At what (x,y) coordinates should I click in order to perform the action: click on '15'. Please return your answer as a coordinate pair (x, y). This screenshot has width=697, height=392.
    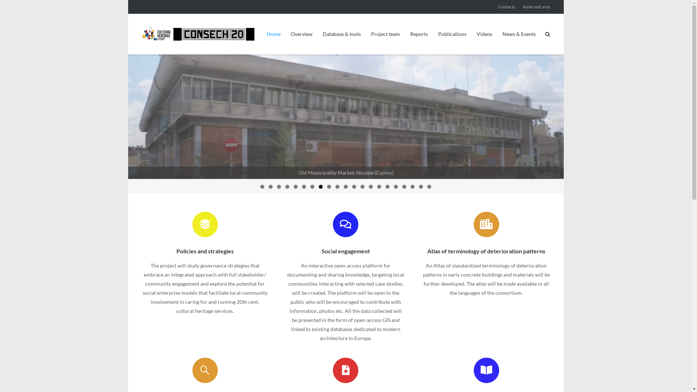
    Looking at the image, I should click on (379, 186).